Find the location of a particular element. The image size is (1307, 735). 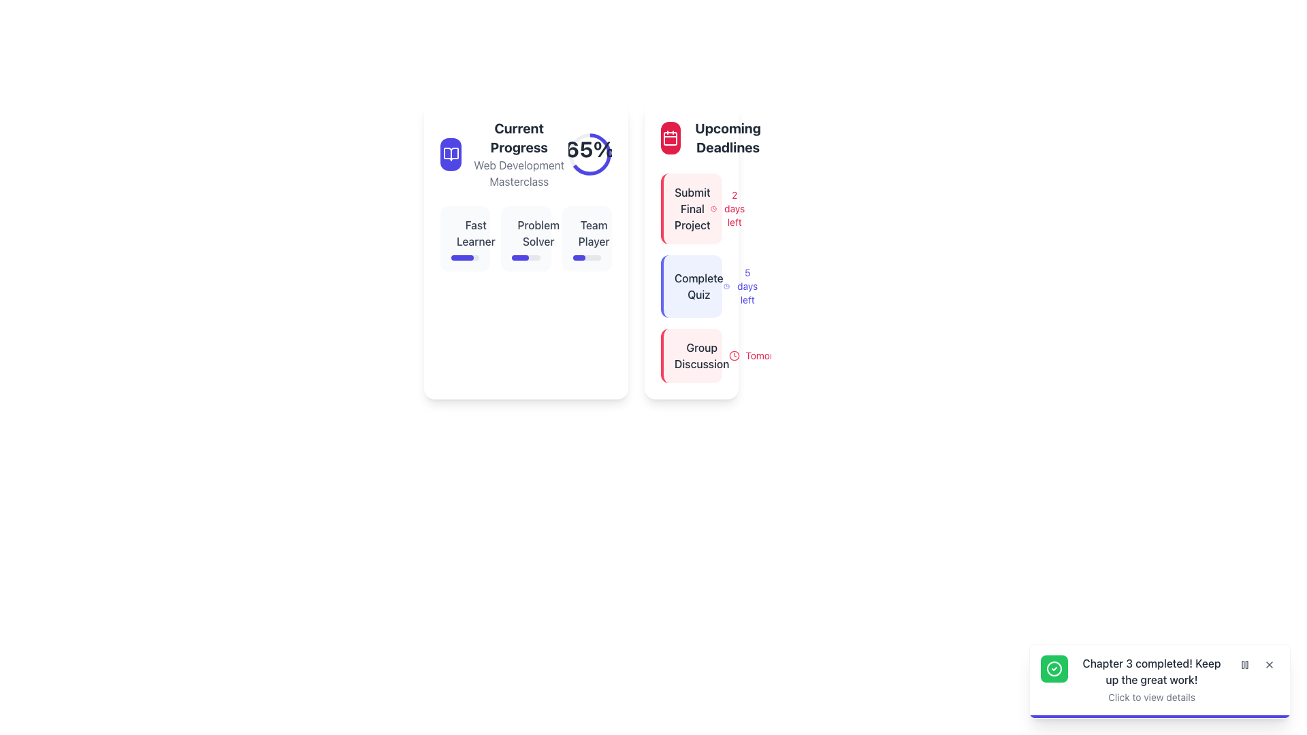

the first Text label in the vertically arranged list of descriptors within the 'Current Progress' card, which serves as a descriptor indicating a skill or quality is located at coordinates (465, 233).